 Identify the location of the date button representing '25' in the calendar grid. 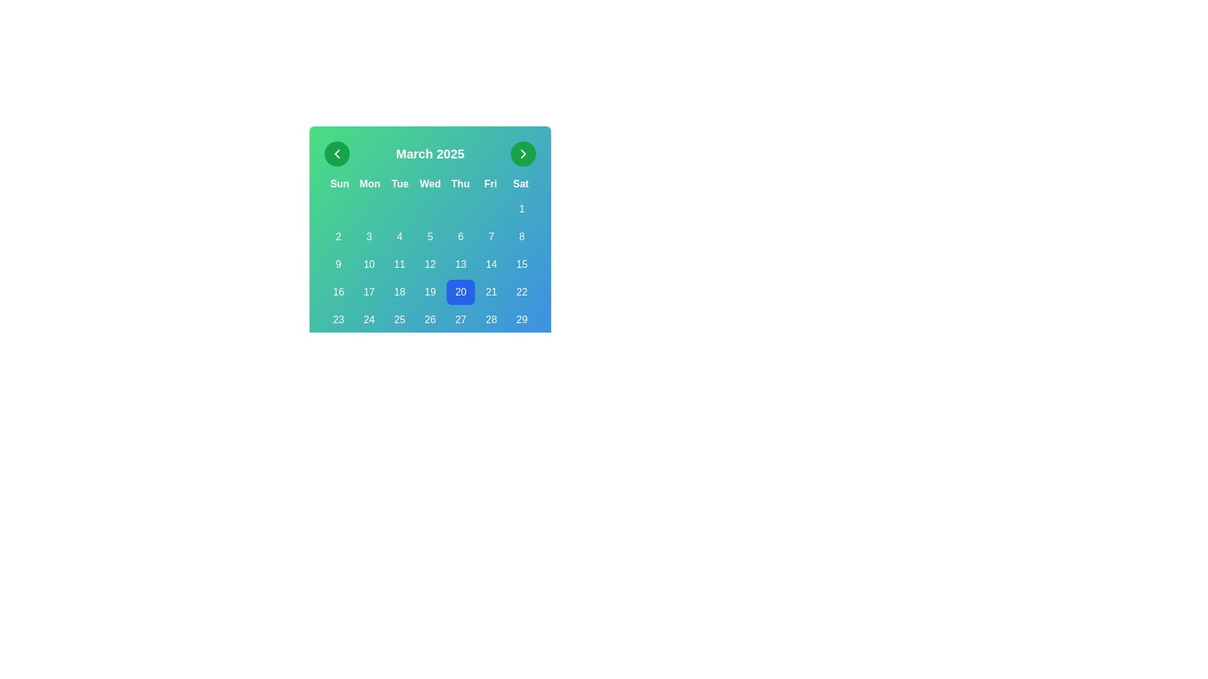
(399, 319).